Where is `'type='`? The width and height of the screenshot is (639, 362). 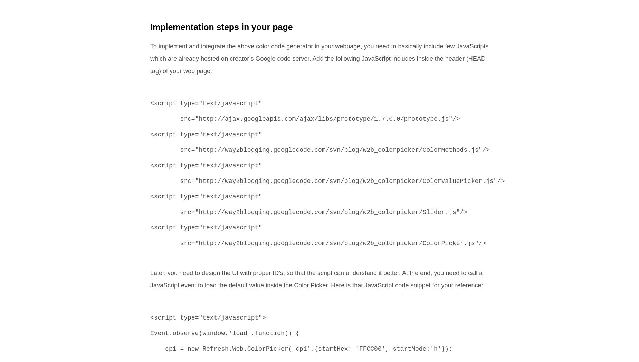 'type=' is located at coordinates (187, 317).